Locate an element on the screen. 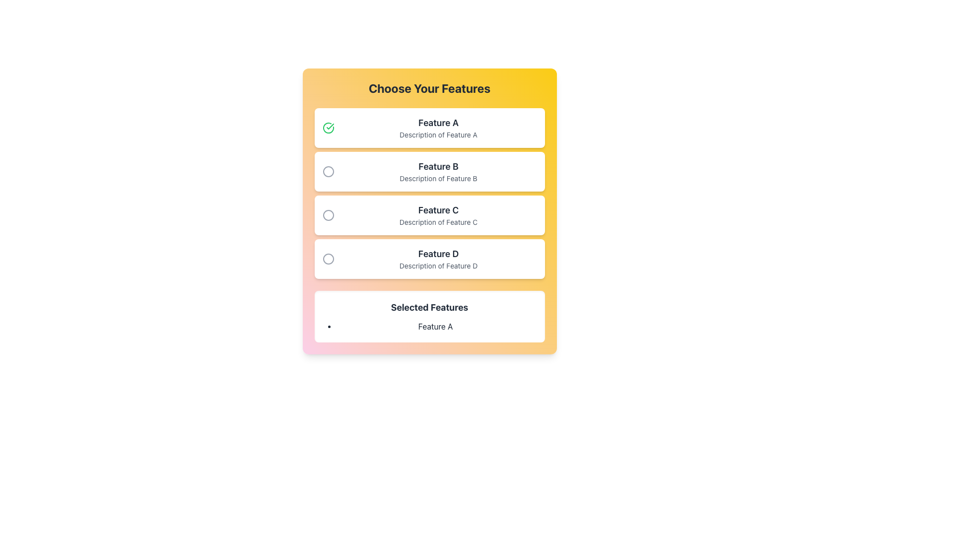  the text label displaying 'Feature A' styled with a bullet point and located under the 'Selected Features' heading is located at coordinates (435, 327).